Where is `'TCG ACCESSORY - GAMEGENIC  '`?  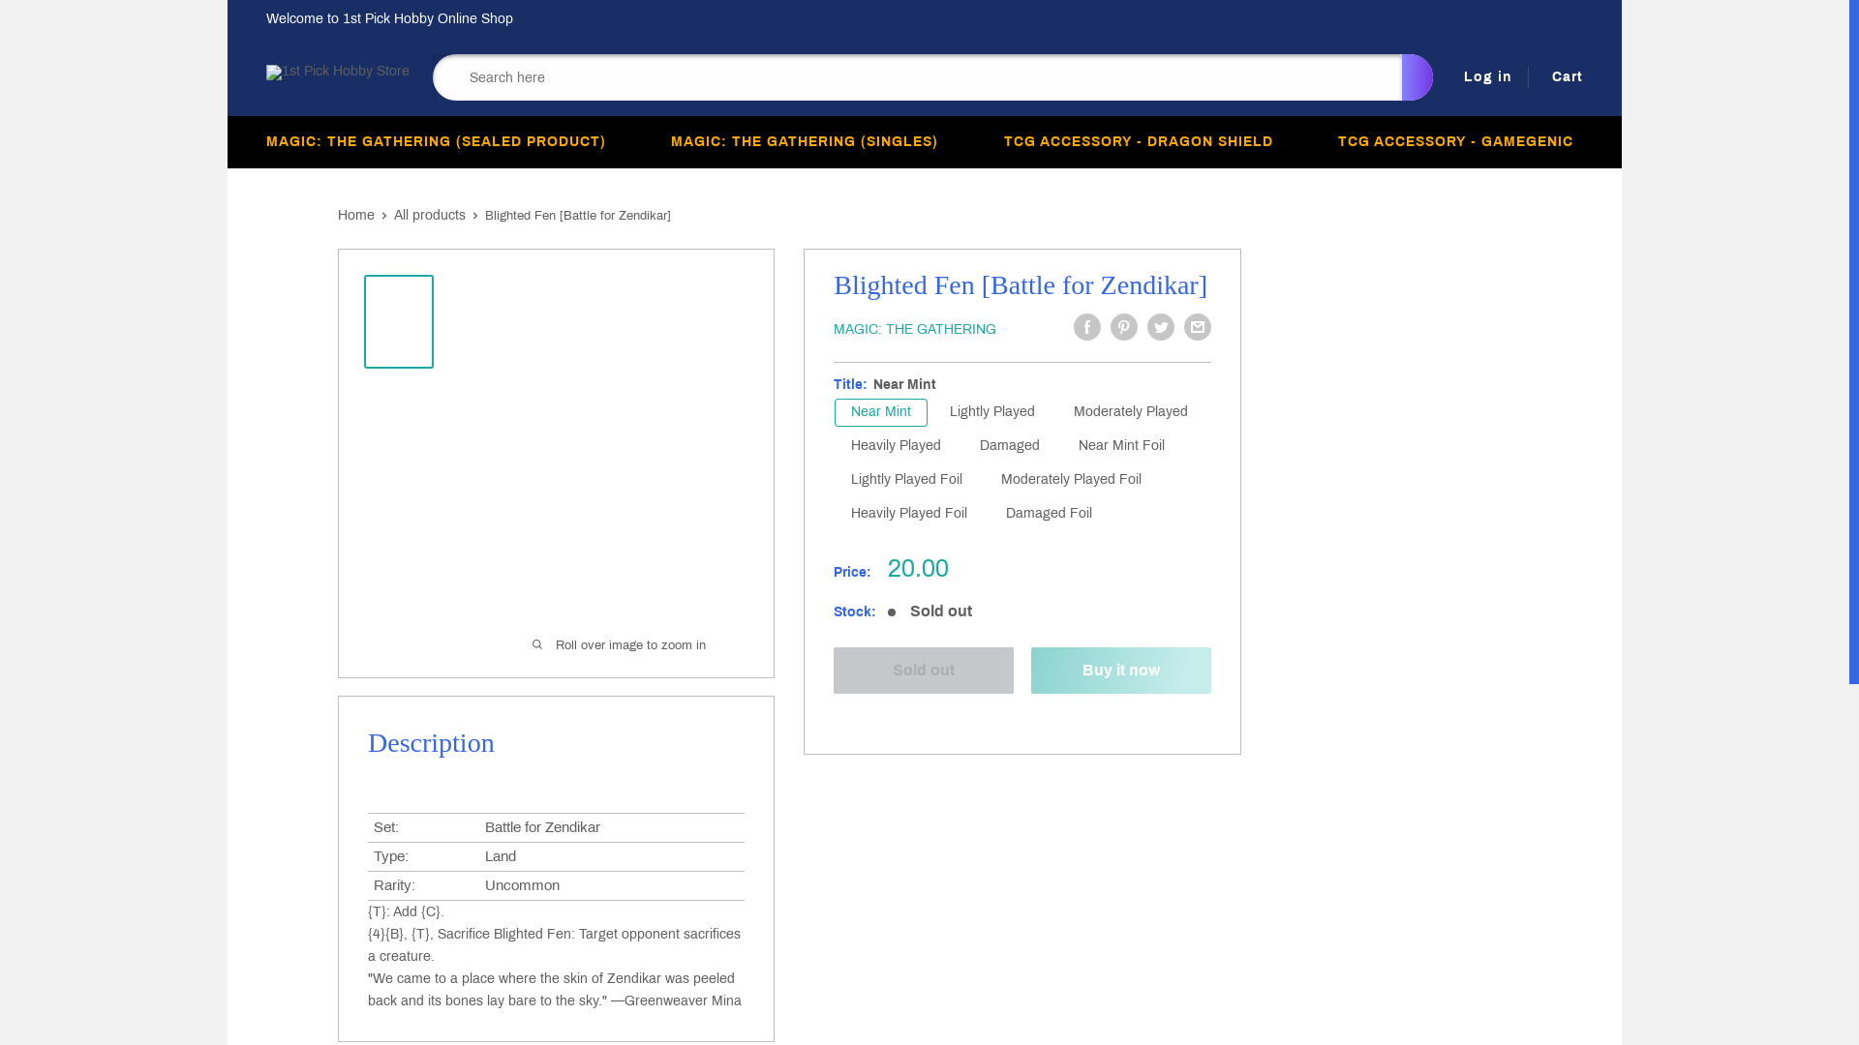
'TCG ACCESSORY - GAMEGENIC  ' is located at coordinates (1460, 140).